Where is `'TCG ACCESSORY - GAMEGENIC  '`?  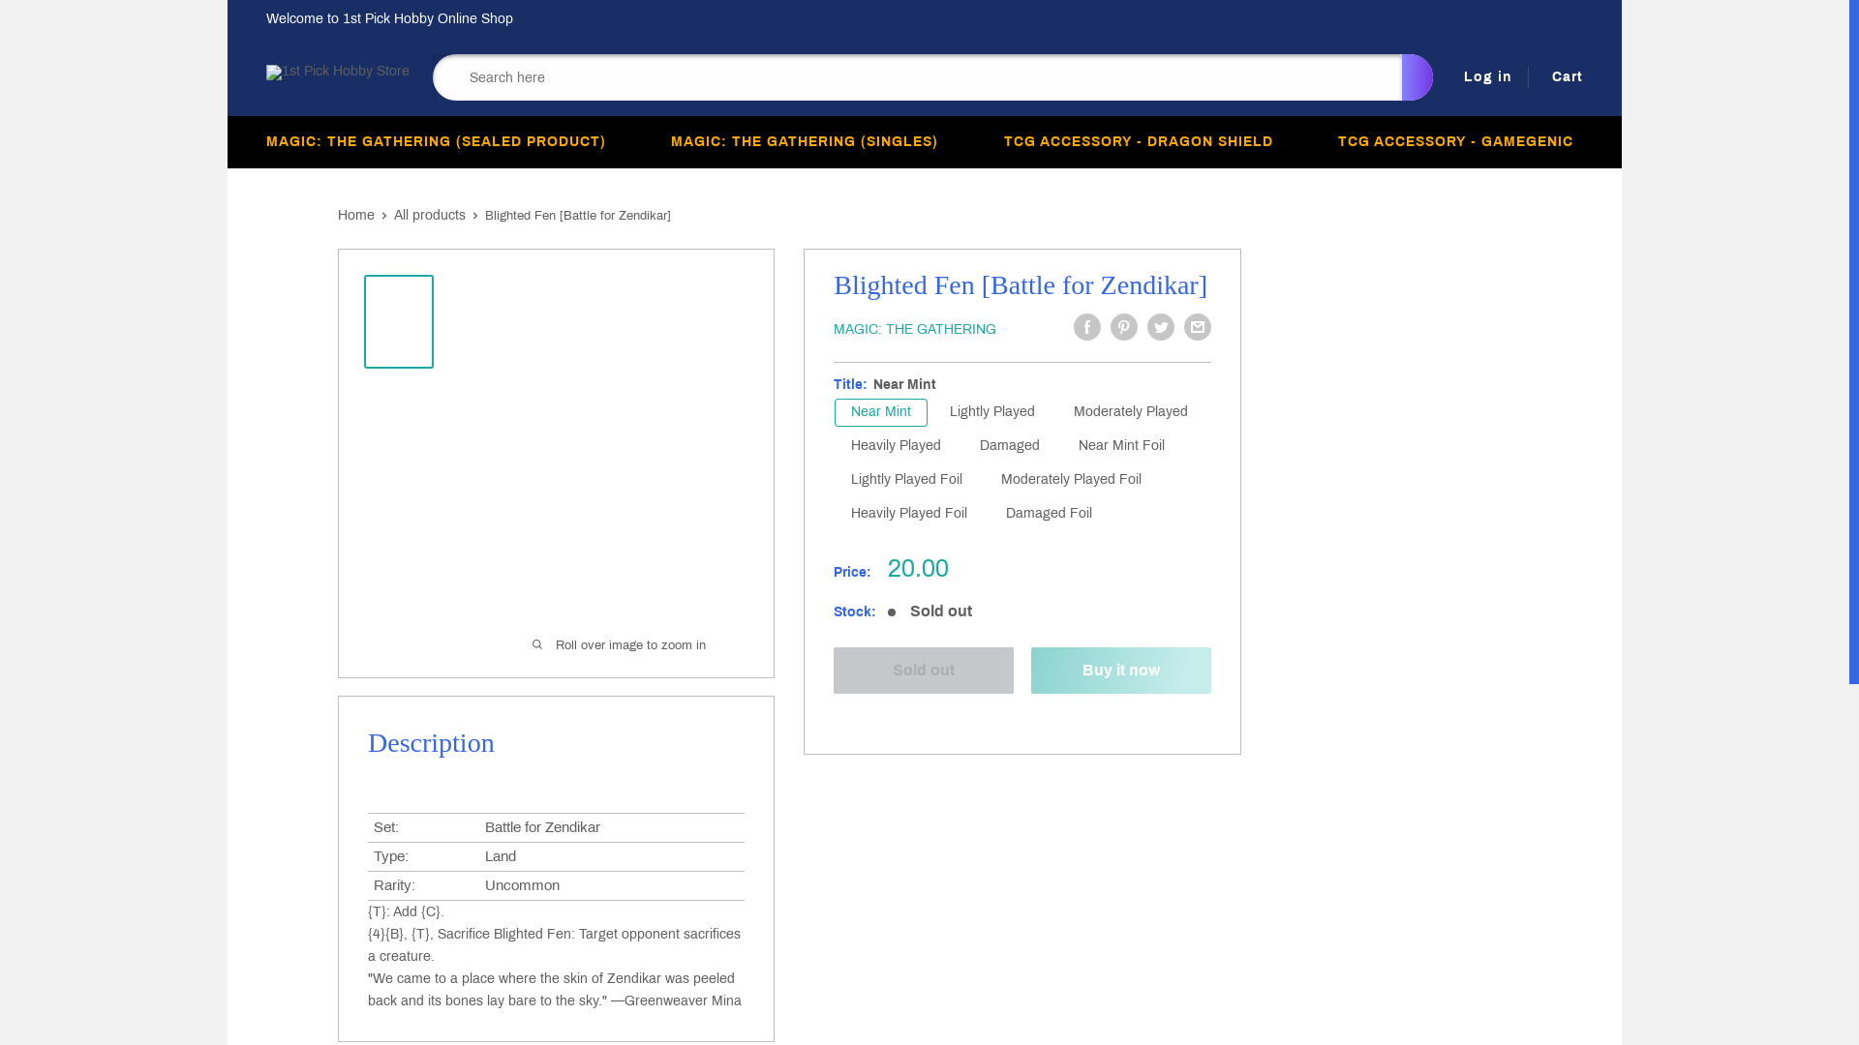
'TCG ACCESSORY - GAMEGENIC  ' is located at coordinates (1460, 140).